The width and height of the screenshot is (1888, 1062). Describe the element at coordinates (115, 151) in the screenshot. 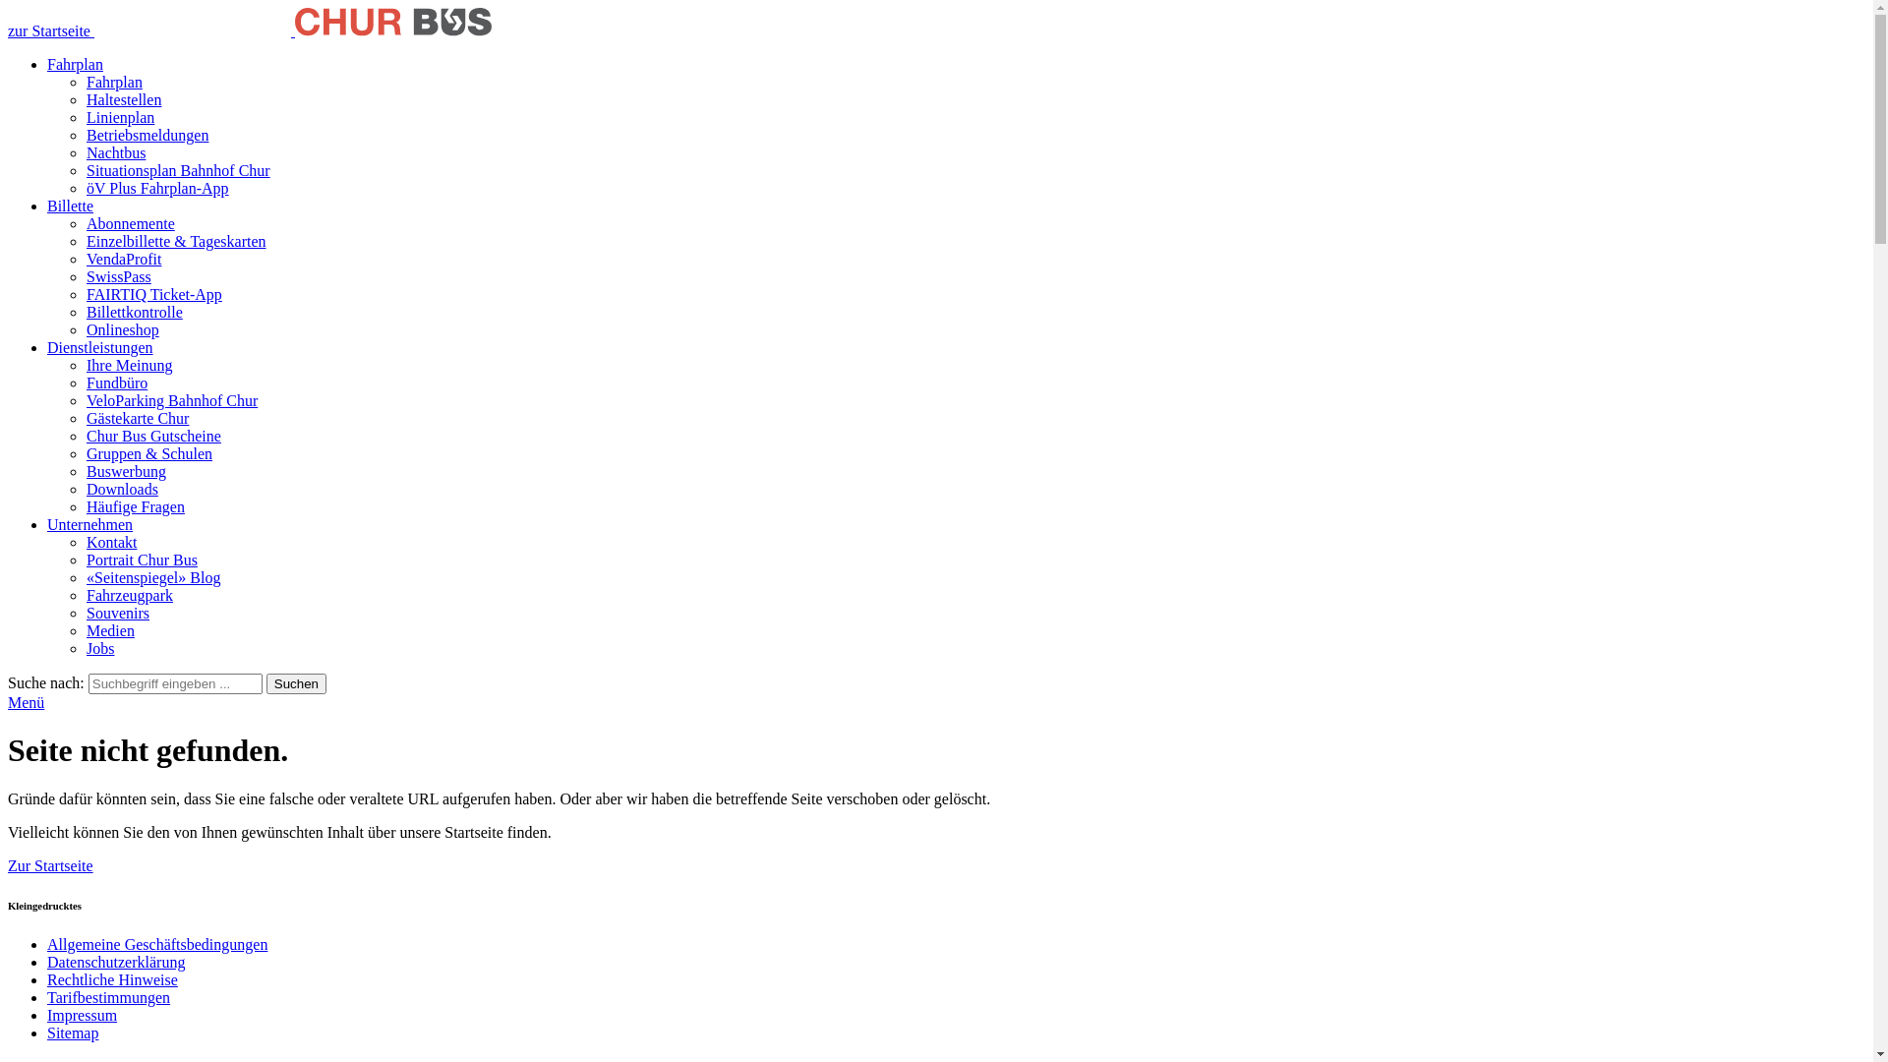

I see `'Nachtbus'` at that location.